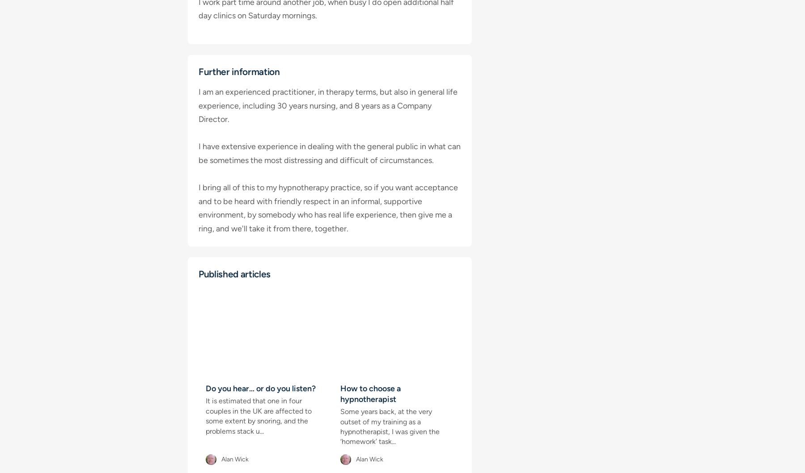 The image size is (805, 473). Describe the element at coordinates (238, 71) in the screenshot. I see `'Further information'` at that location.